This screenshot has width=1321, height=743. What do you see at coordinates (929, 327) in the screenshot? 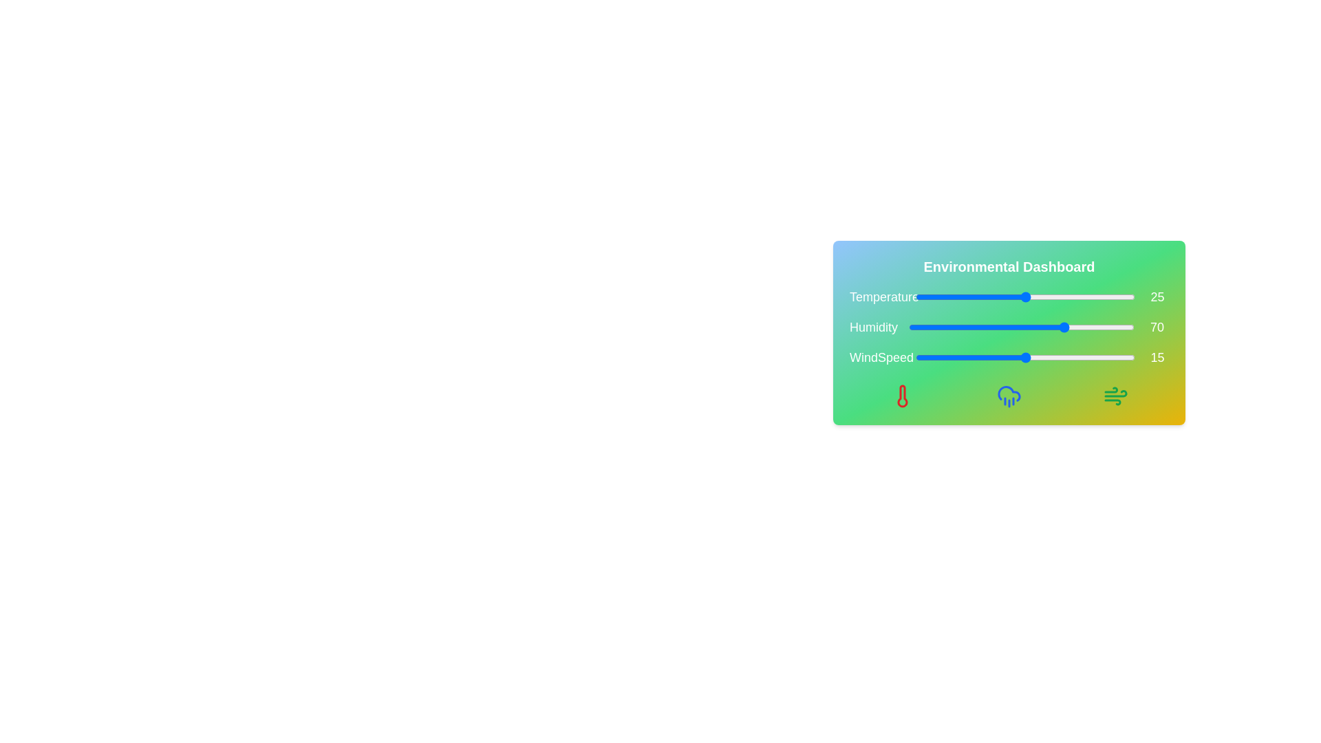
I see `the humidity slider to set the value to 9` at bounding box center [929, 327].